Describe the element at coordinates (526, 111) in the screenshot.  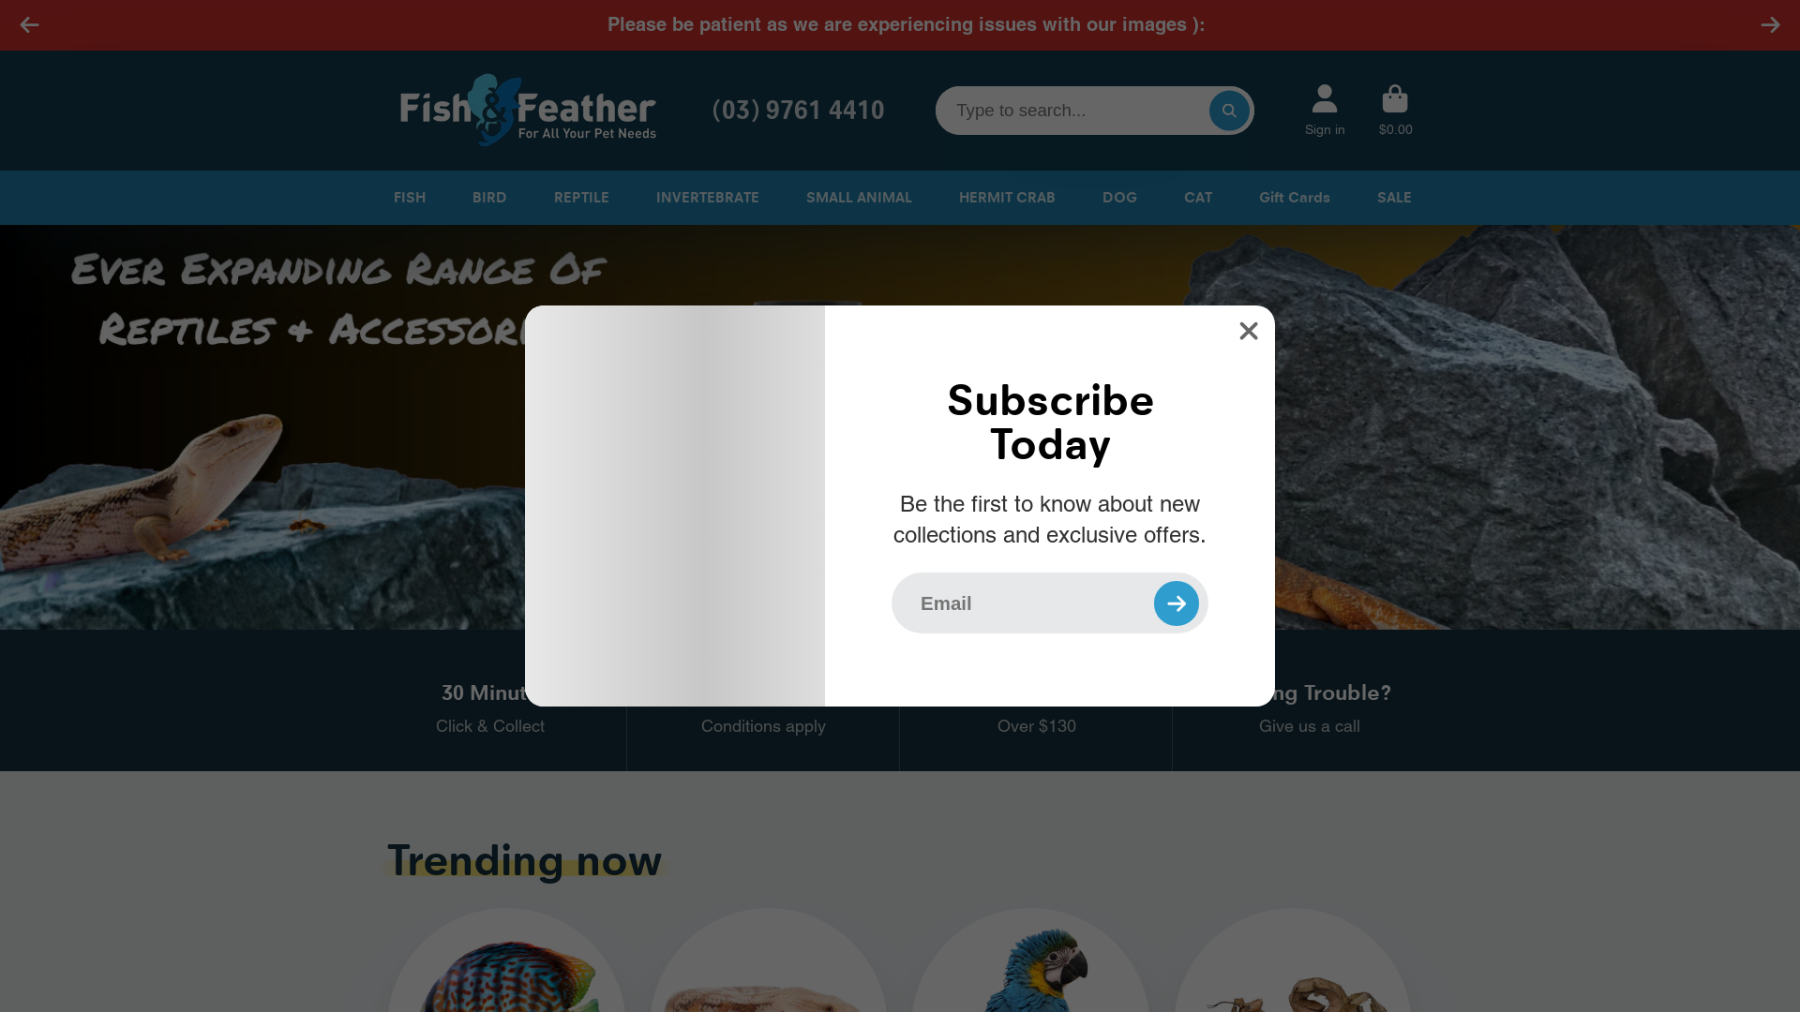
I see `'Logo'` at that location.